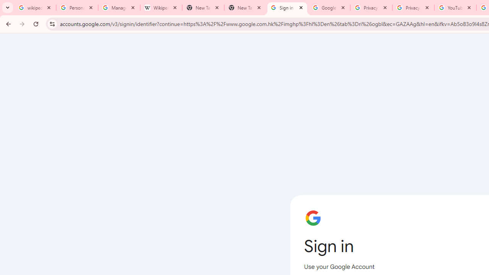 This screenshot has height=275, width=489. What do you see at coordinates (245, 8) in the screenshot?
I see `'New Tab'` at bounding box center [245, 8].